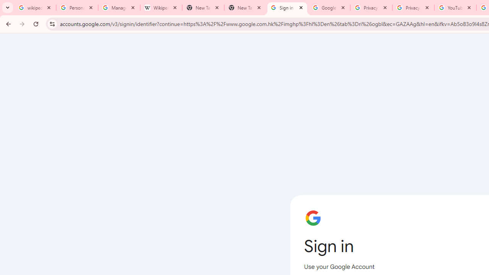 This screenshot has height=275, width=489. What do you see at coordinates (245, 8) in the screenshot?
I see `'New Tab'` at bounding box center [245, 8].